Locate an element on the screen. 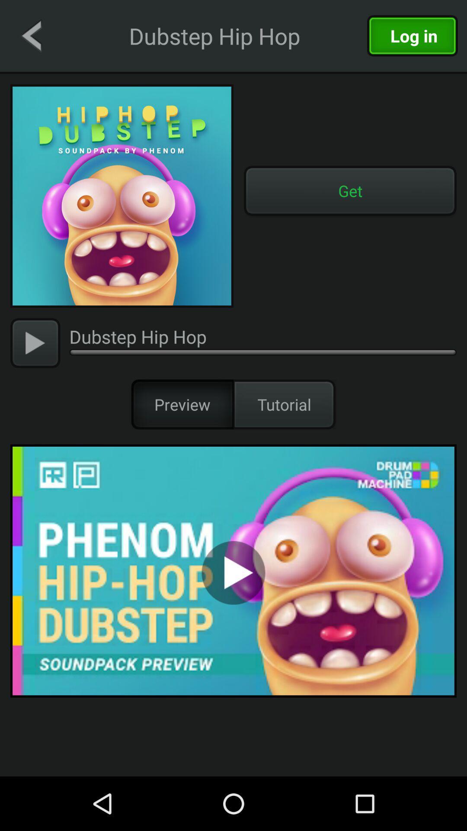 The image size is (467, 831). the video is located at coordinates (35, 342).